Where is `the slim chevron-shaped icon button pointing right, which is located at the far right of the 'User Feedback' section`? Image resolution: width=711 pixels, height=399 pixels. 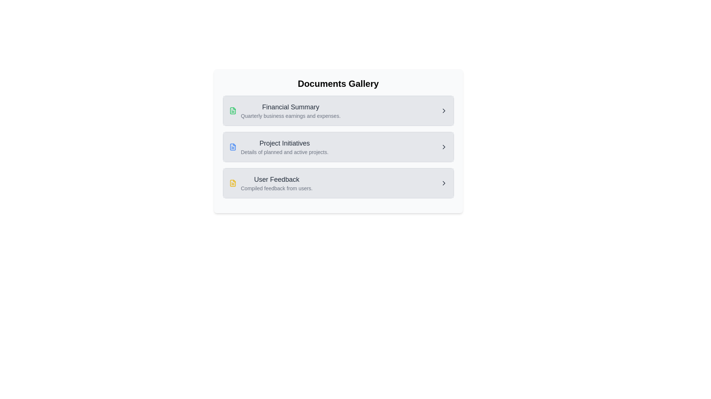 the slim chevron-shaped icon button pointing right, which is located at the far right of the 'User Feedback' section is located at coordinates (444, 183).